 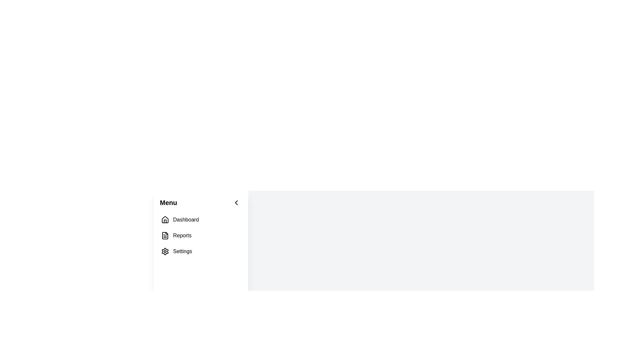 What do you see at coordinates (165, 220) in the screenshot?
I see `the house-like icon representing the 'Dashboard' menu item located on the left side of the interface` at bounding box center [165, 220].